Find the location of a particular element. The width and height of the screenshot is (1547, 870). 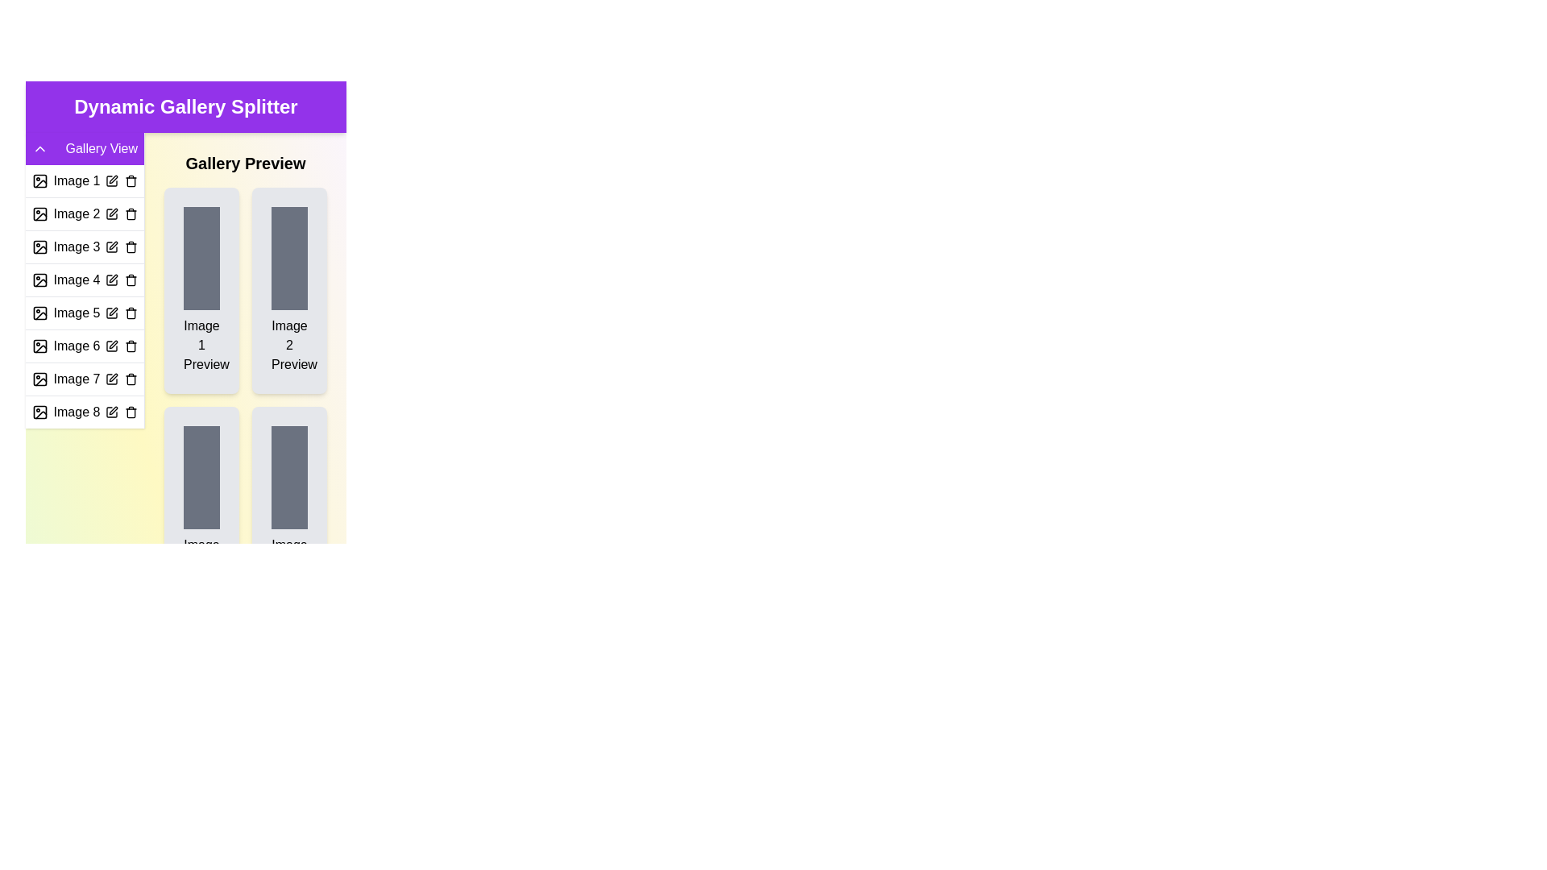

the edit icon of the grouped action buttons for 'Image 8' to initiate editing is located at coordinates (120, 412).